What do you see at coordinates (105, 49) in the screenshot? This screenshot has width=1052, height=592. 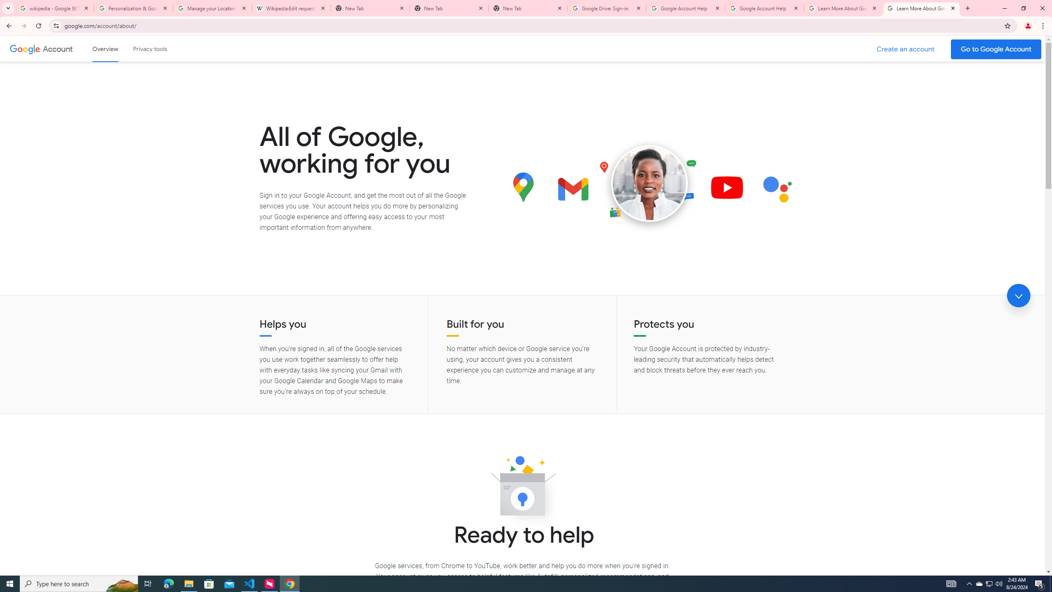 I see `'Google Account overview'` at bounding box center [105, 49].